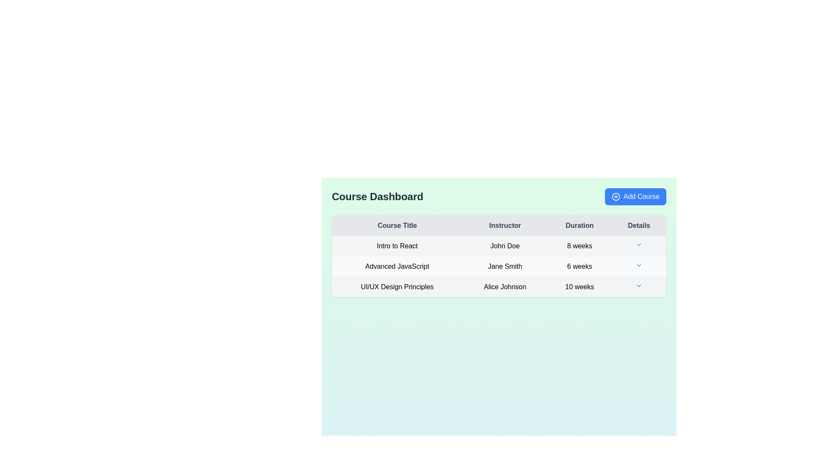  I want to click on the Dropdown indicator icon in the second row of the table, so click(639, 265).